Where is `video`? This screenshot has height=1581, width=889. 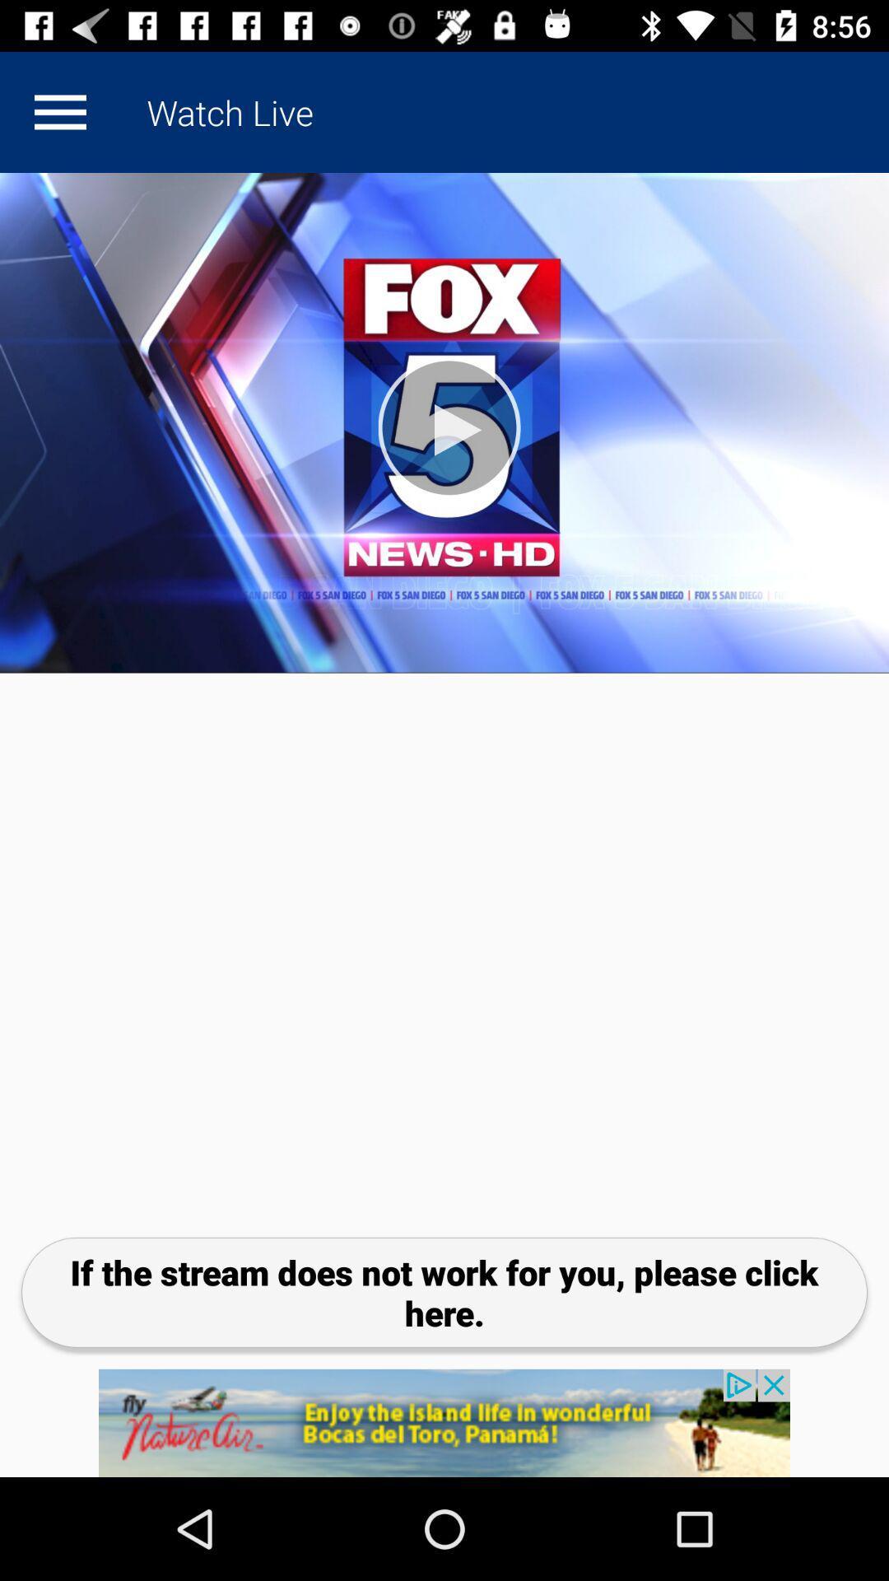 video is located at coordinates (444, 422).